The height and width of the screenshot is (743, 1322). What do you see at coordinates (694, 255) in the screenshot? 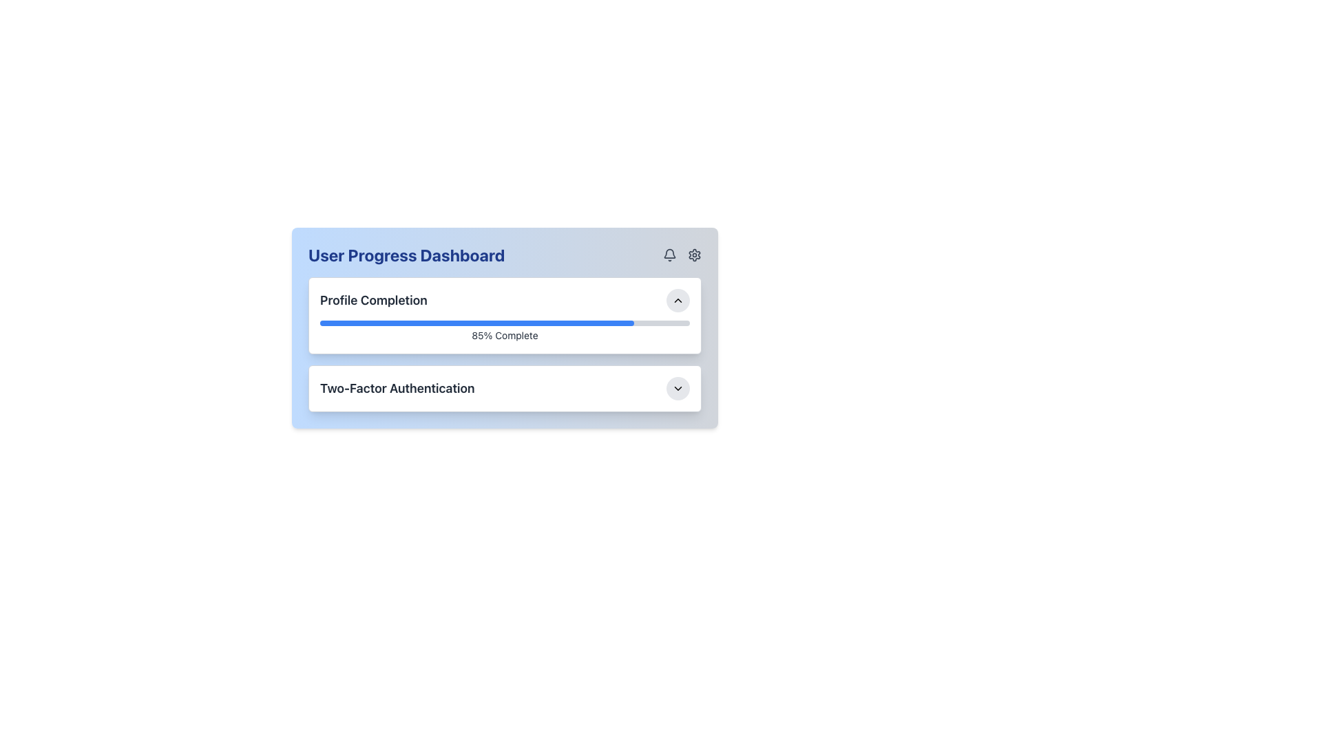
I see `the cog icon in the top-right corner of the dashboard interface` at bounding box center [694, 255].